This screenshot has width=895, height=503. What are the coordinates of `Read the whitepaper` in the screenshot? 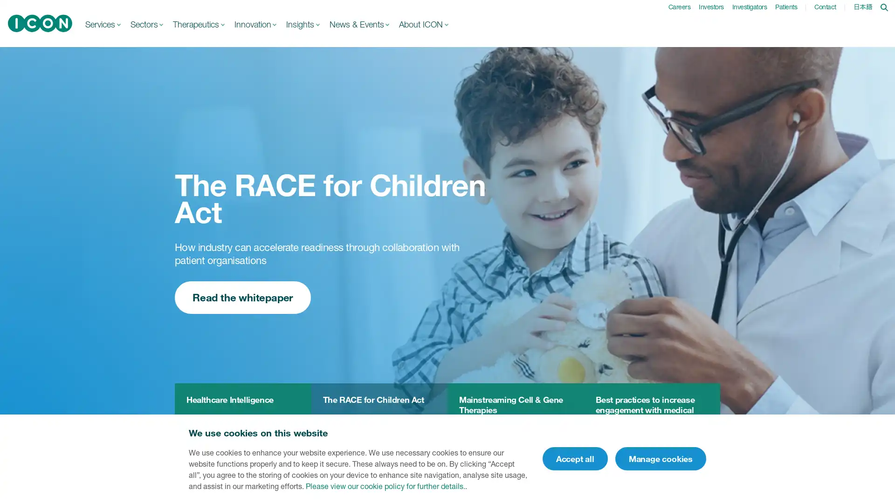 It's located at (243, 297).